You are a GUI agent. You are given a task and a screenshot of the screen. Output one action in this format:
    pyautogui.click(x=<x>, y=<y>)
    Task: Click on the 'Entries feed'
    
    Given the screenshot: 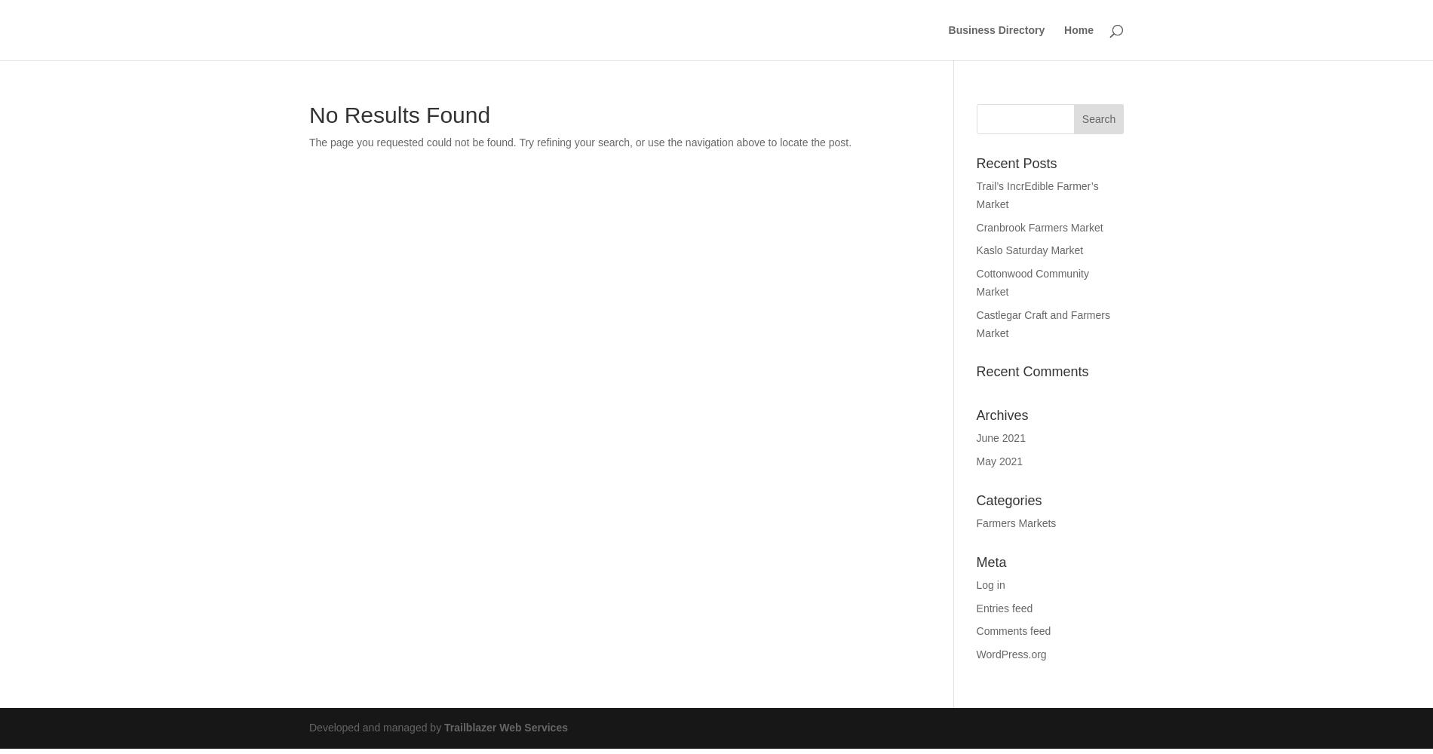 What is the action you would take?
    pyautogui.click(x=1003, y=608)
    